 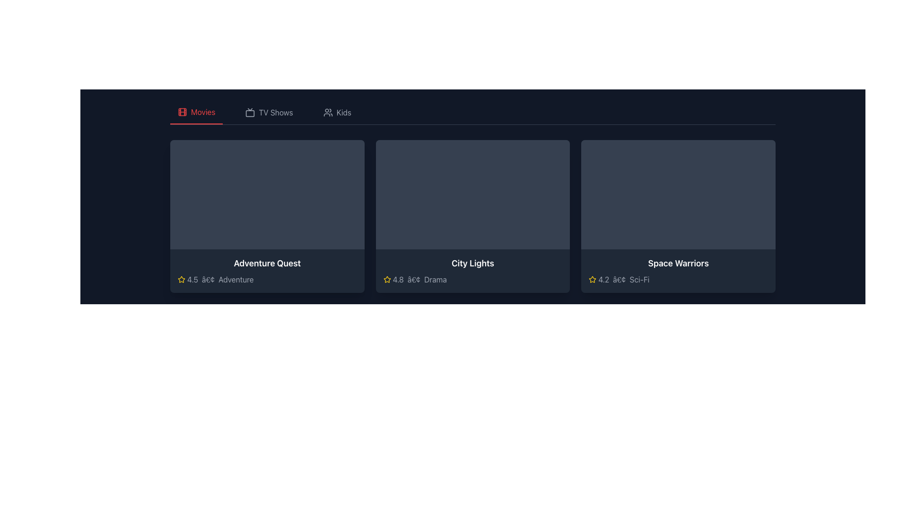 What do you see at coordinates (678, 194) in the screenshot?
I see `the Visual Placeholder (Div Element) that has a gradient grey background, located in the upper portion of the card labeled 'Space Warriors'` at bounding box center [678, 194].